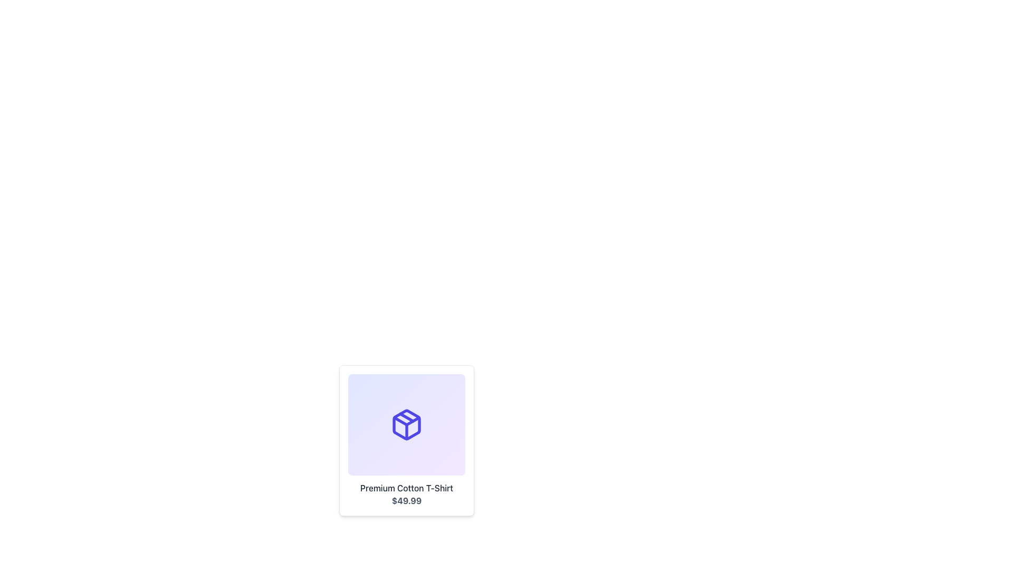  Describe the element at coordinates (406, 488) in the screenshot. I see `the static text displaying the title 'Premium Cotton T-Shirt', which is positioned below SVG elements and above the price text within a centrally located card layout` at that location.